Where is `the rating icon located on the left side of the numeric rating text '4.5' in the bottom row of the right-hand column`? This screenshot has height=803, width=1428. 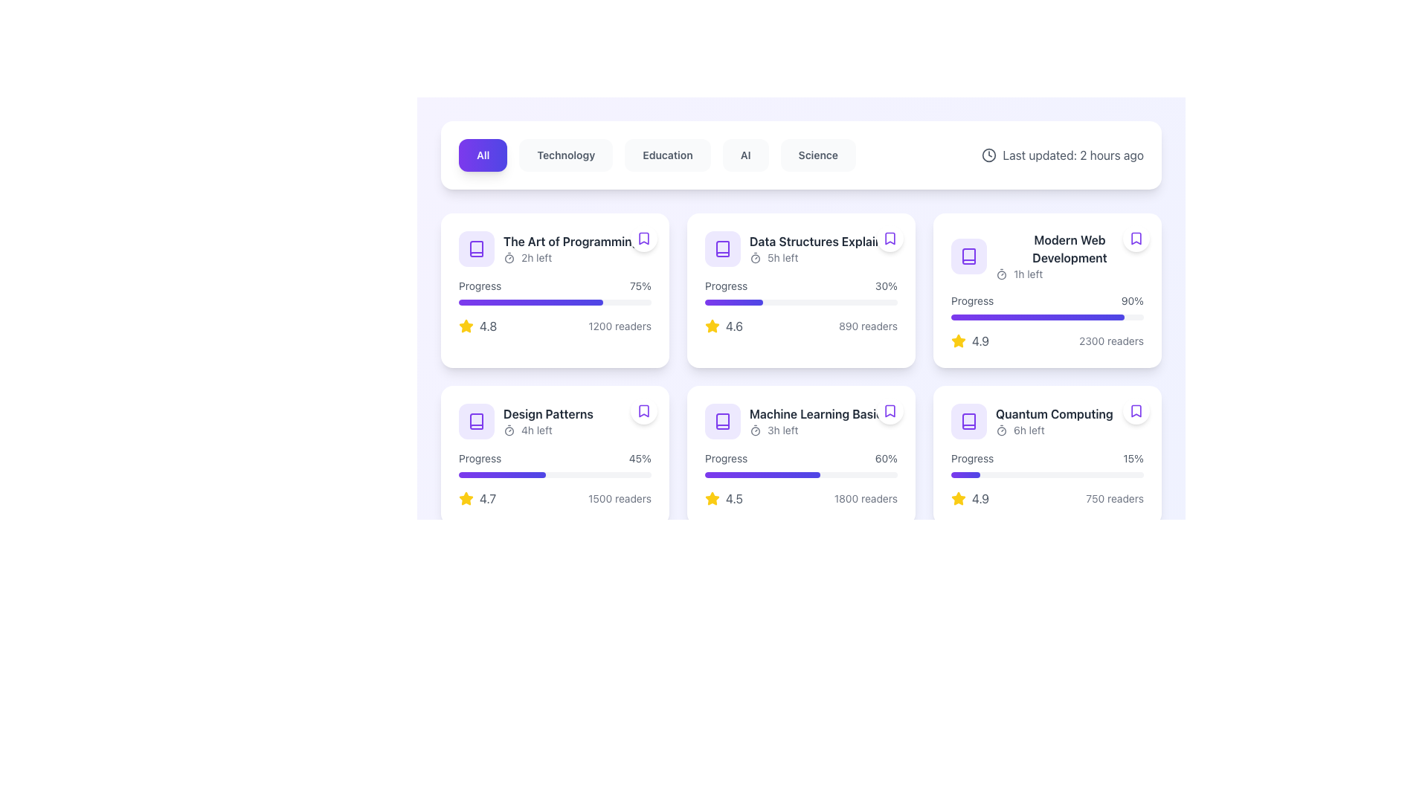
the rating icon located on the left side of the numeric rating text '4.5' in the bottom row of the right-hand column is located at coordinates (712, 499).